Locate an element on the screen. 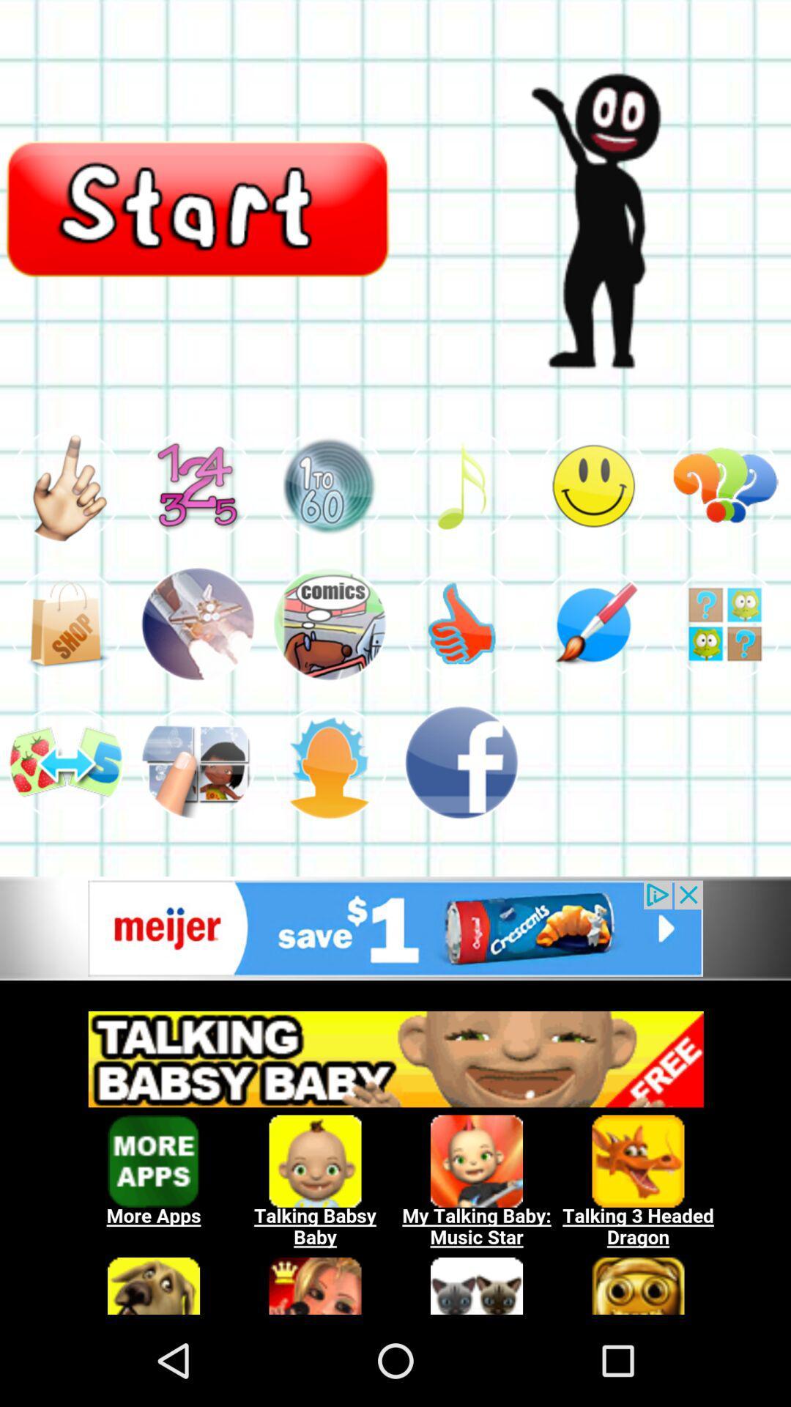 This screenshot has height=1407, width=791. open app is located at coordinates (330, 624).